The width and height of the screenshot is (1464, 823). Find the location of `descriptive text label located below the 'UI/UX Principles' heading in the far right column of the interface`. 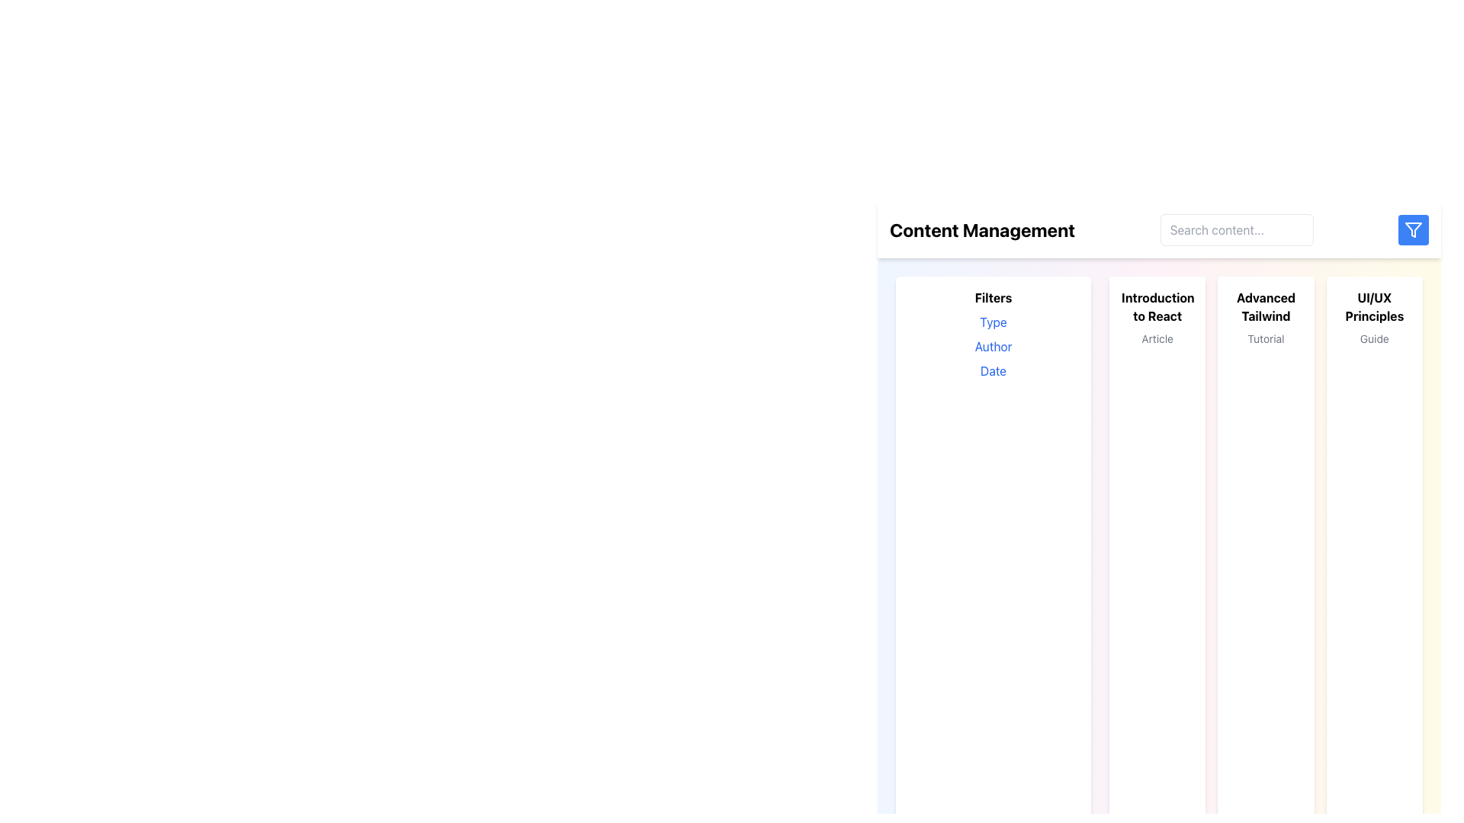

descriptive text label located below the 'UI/UX Principles' heading in the far right column of the interface is located at coordinates (1374, 338).